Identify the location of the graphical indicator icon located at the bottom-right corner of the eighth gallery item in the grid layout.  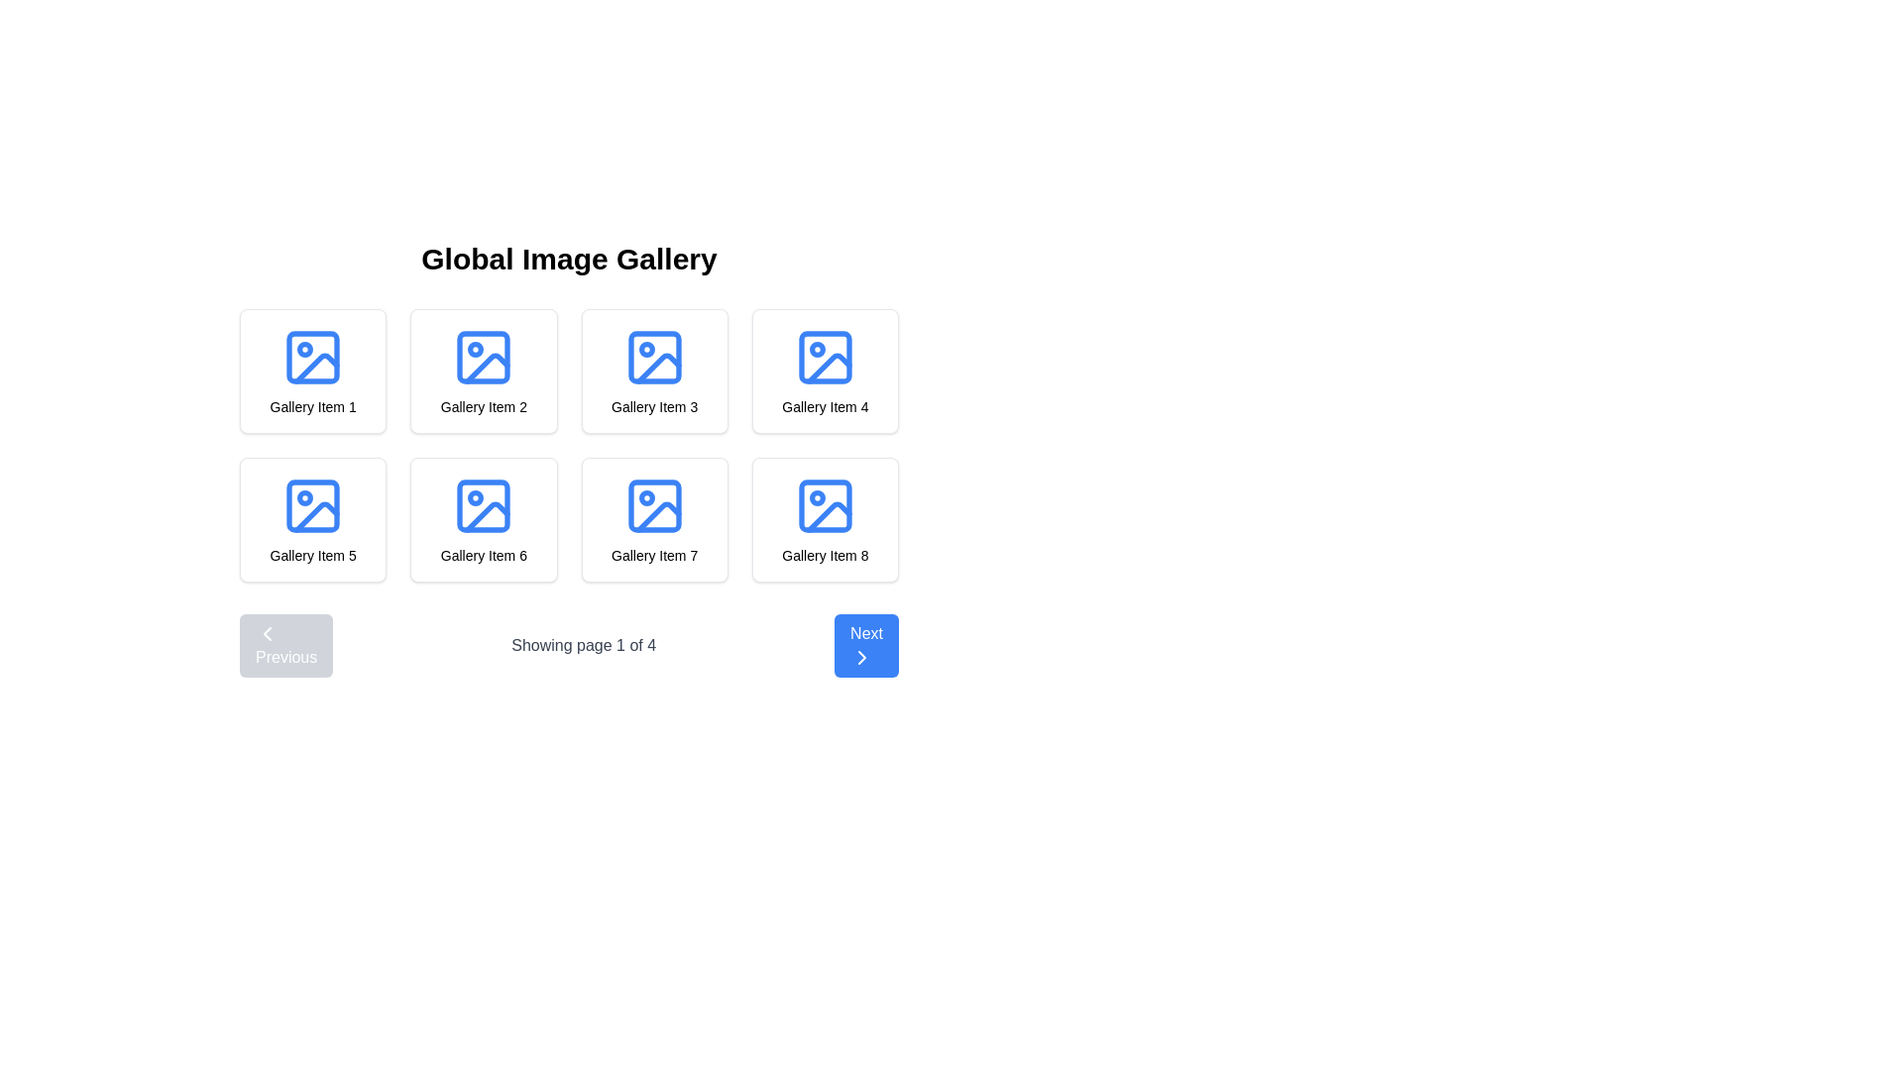
(817, 496).